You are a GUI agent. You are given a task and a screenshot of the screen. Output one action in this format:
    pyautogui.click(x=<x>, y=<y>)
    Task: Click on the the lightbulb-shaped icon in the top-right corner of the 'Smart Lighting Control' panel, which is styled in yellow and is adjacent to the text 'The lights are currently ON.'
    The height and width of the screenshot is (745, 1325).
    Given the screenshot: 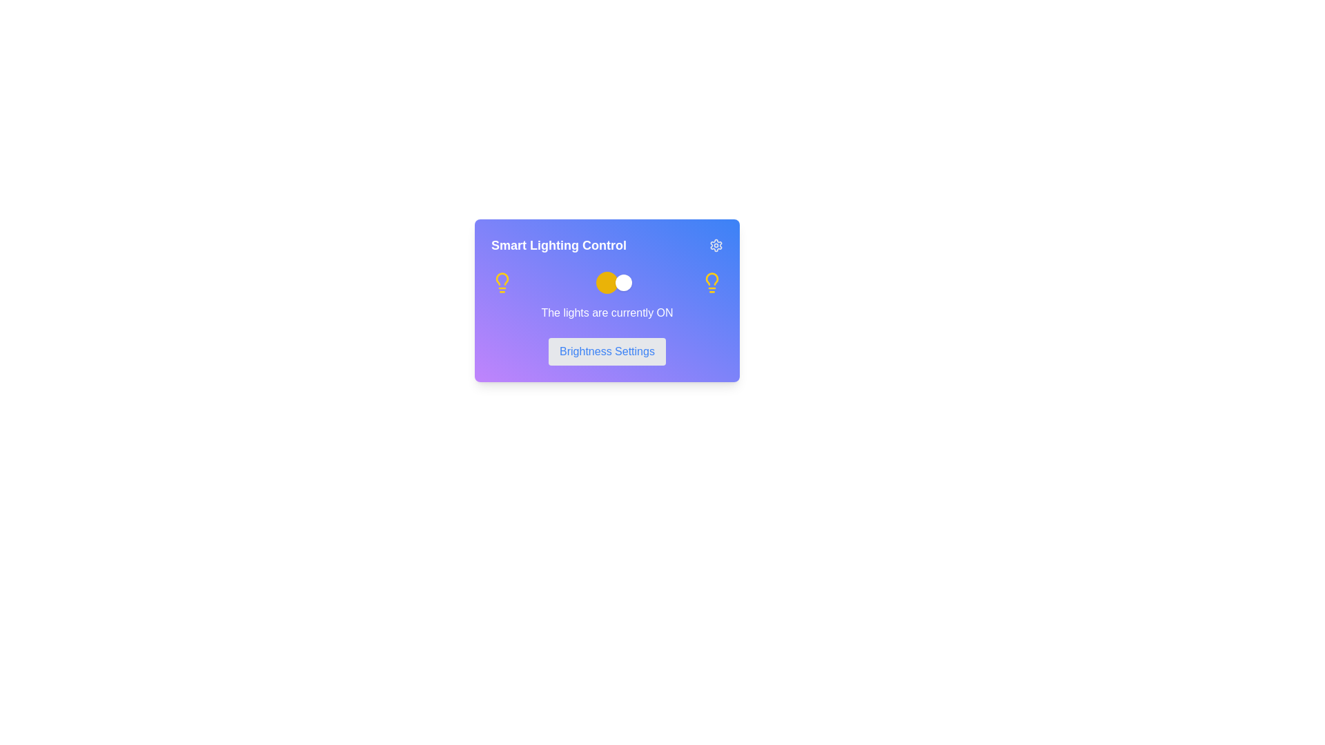 What is the action you would take?
    pyautogui.click(x=712, y=281)
    